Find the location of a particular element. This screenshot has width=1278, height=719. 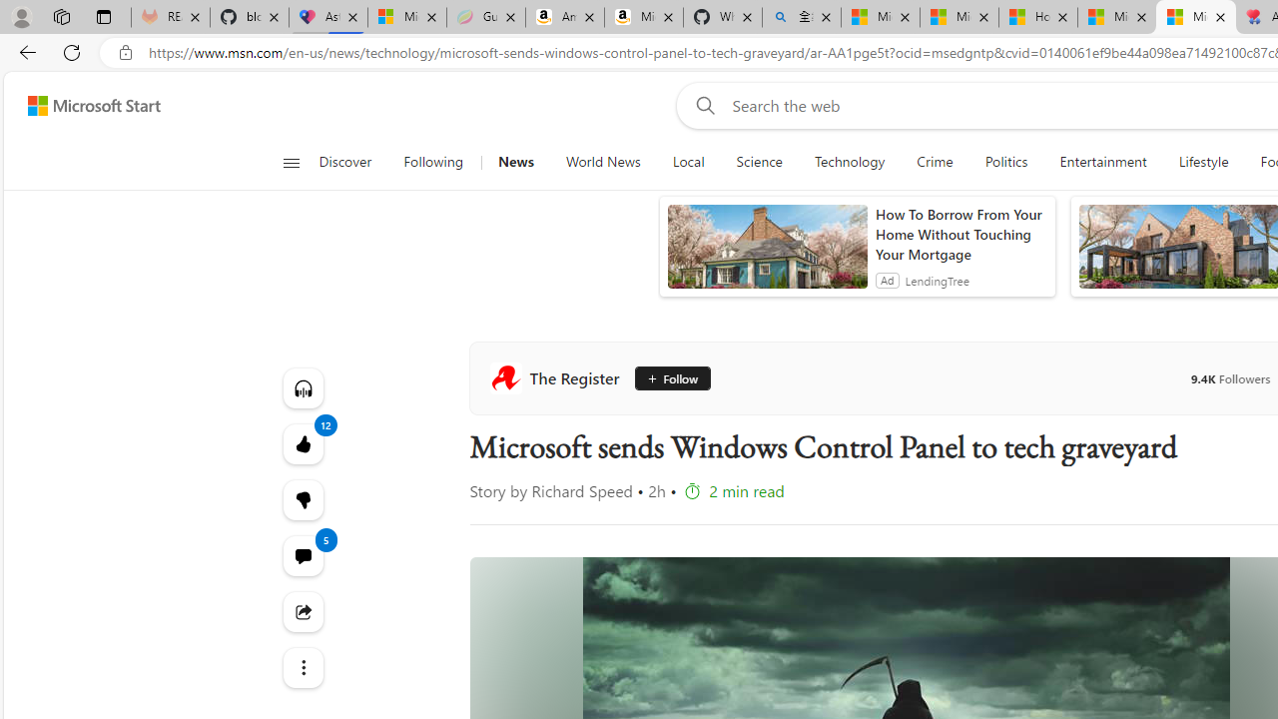

'anim-content' is located at coordinates (766, 254).